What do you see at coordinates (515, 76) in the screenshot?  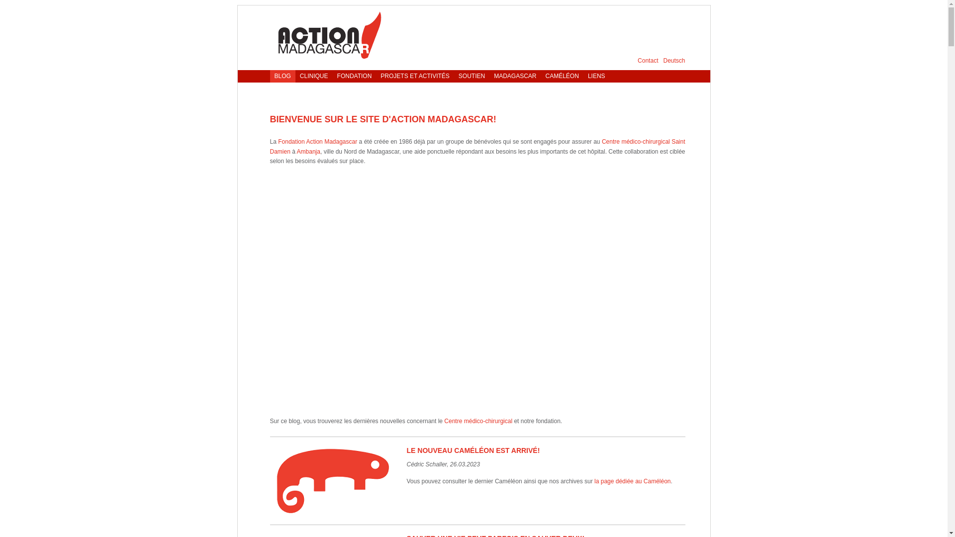 I see `'MADAGASCAR'` at bounding box center [515, 76].